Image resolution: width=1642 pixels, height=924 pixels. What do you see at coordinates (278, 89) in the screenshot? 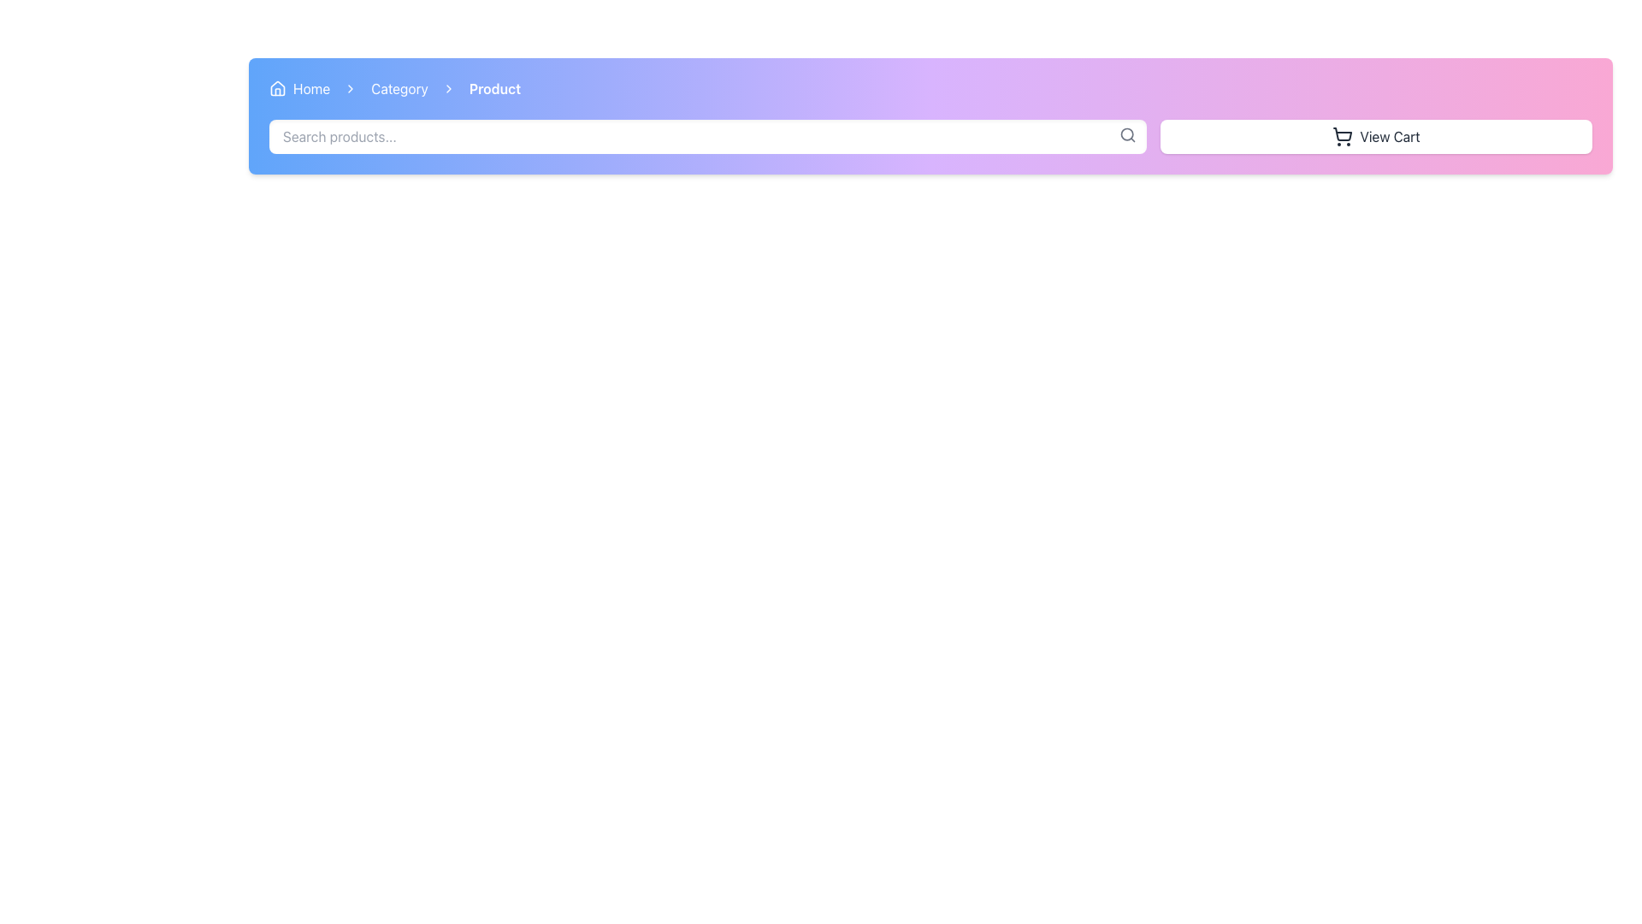
I see `the house-shaped SVG icon in the breadcrumb navigation bar` at bounding box center [278, 89].